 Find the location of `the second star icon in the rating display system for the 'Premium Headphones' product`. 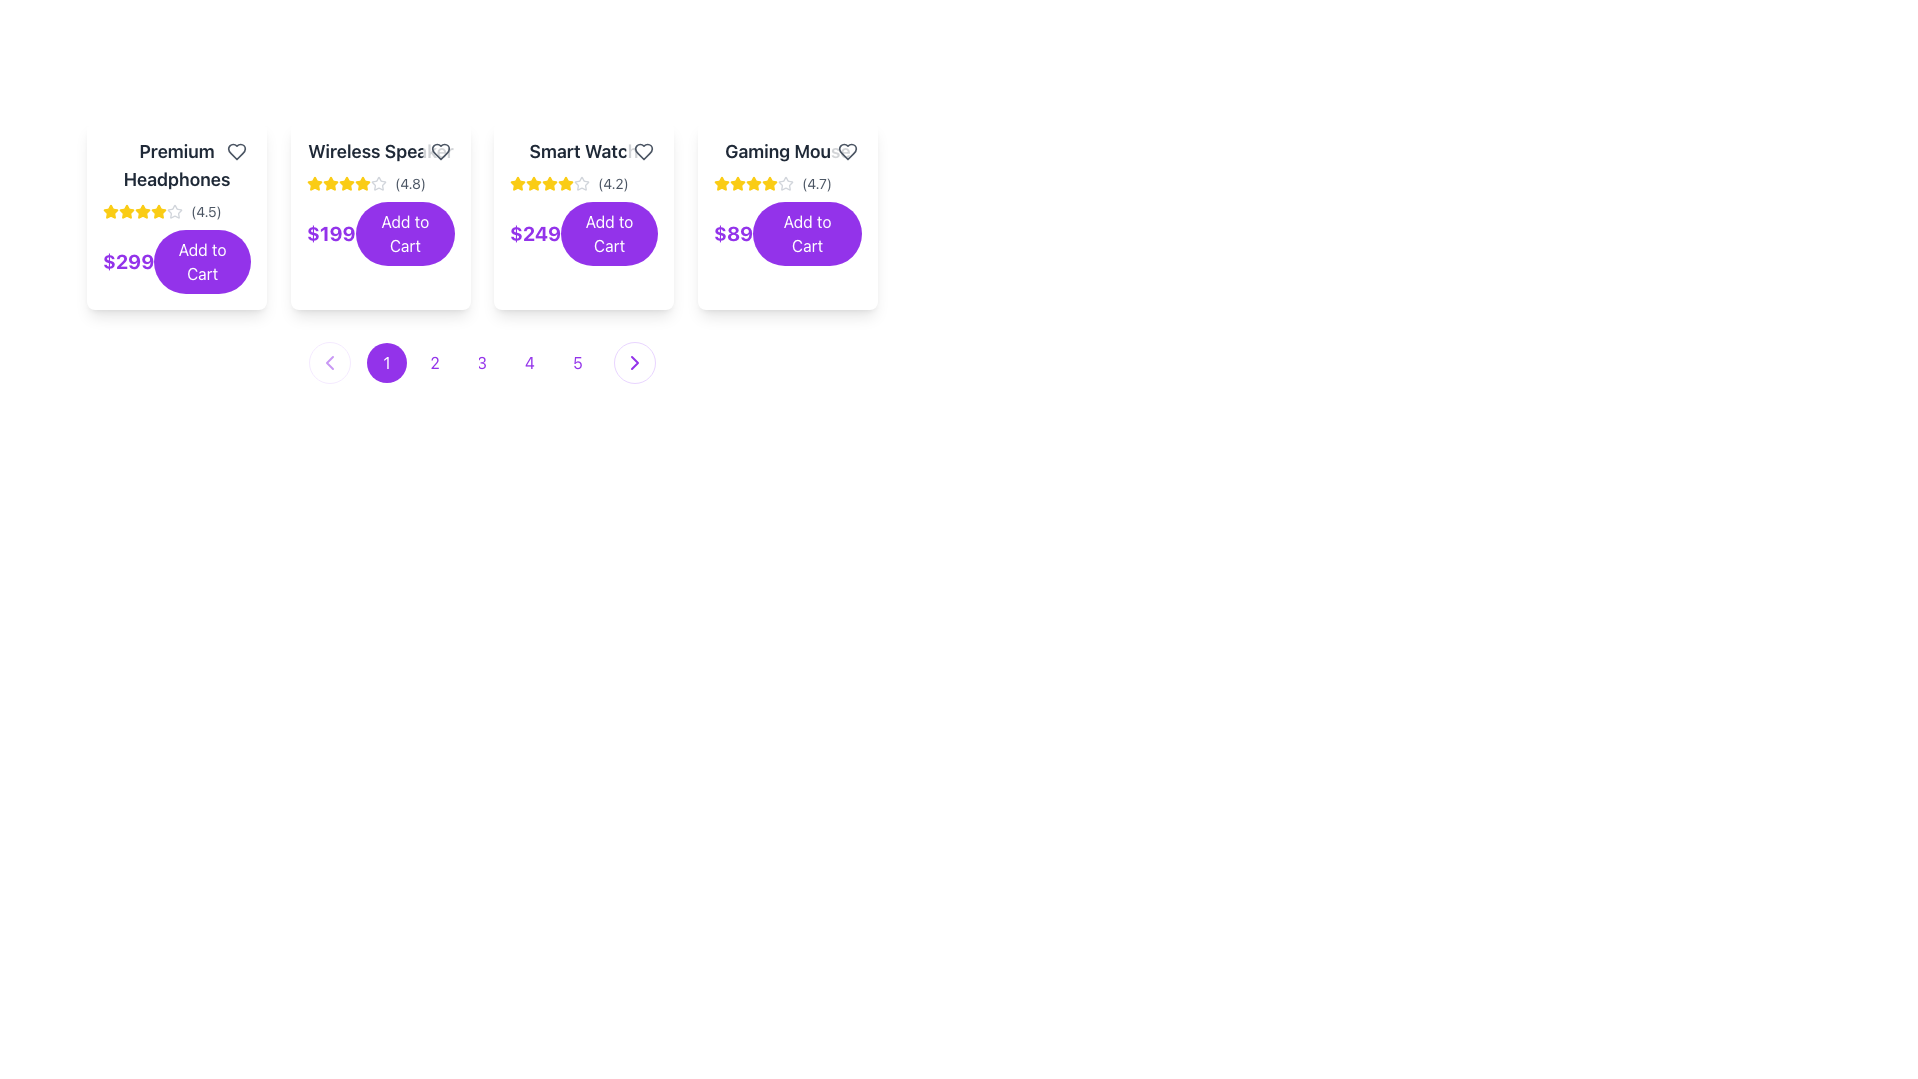

the second star icon in the rating display system for the 'Premium Headphones' product is located at coordinates (125, 211).